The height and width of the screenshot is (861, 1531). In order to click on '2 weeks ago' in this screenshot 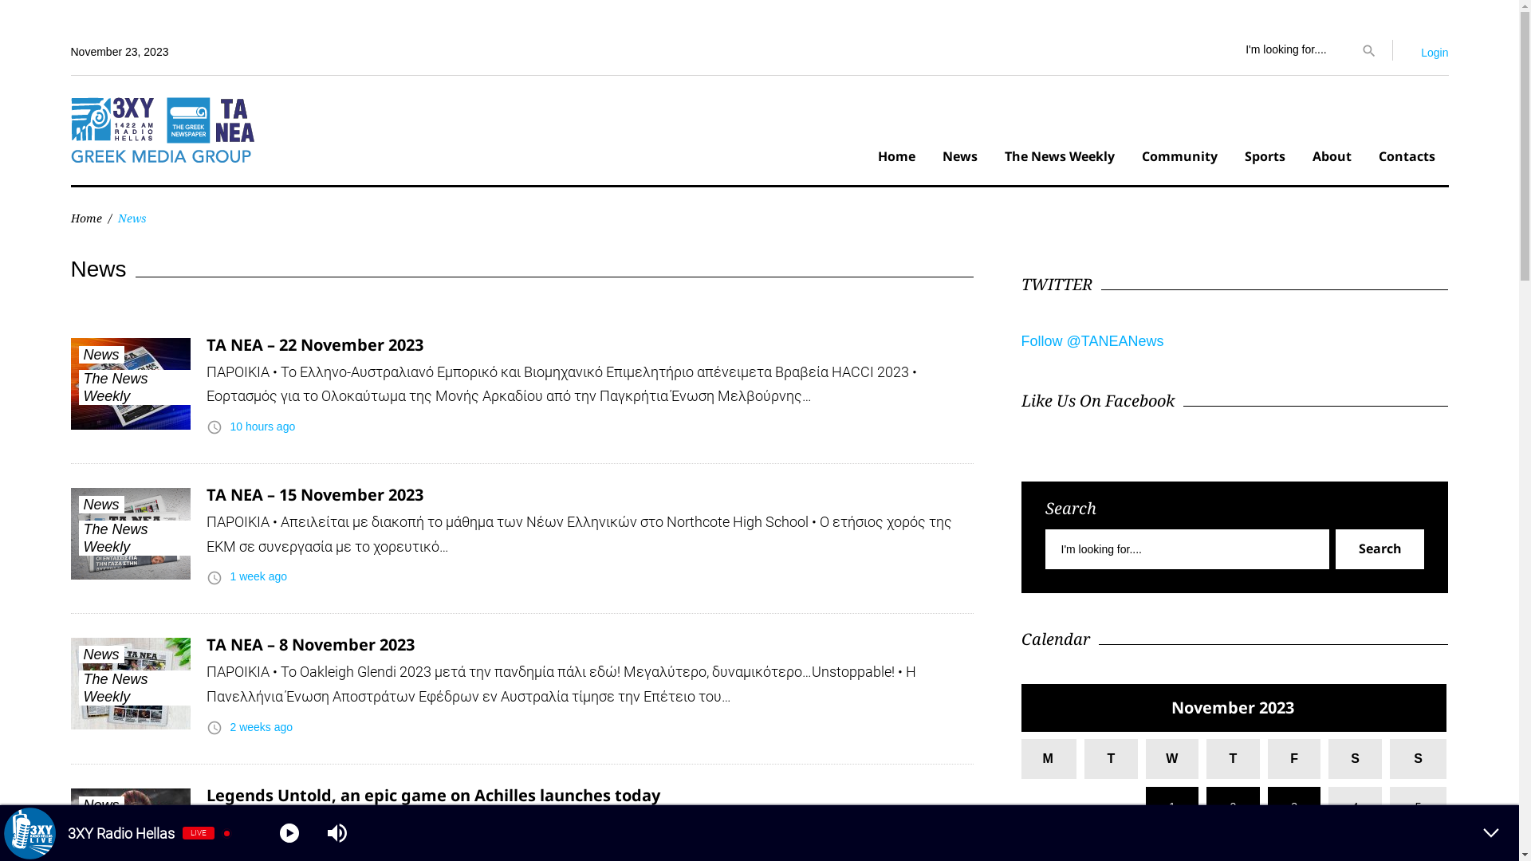, I will do `click(261, 726)`.